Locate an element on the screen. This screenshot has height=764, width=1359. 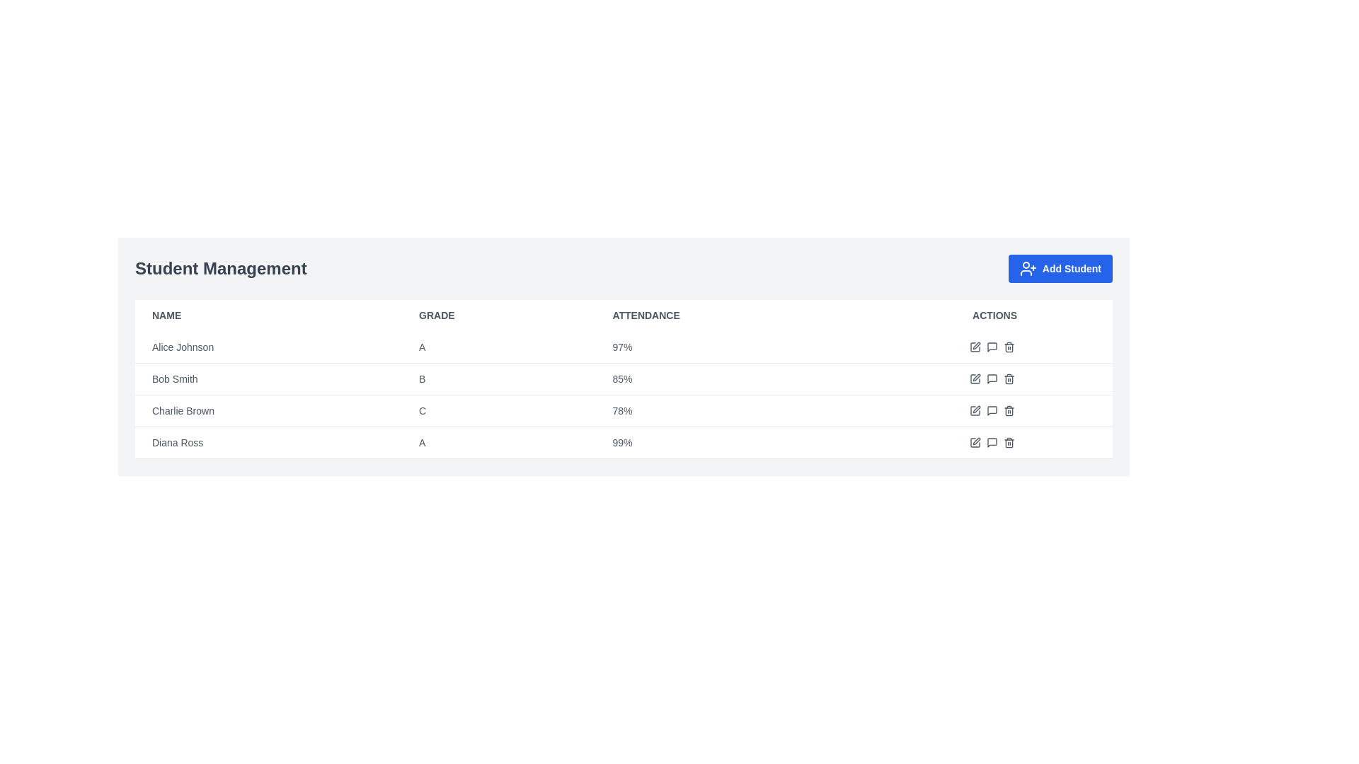
the vector graphic icon resembling a pen intersecting with a square in the last row of the 'Actions' column of the 'Student Management' table is located at coordinates (975, 441).